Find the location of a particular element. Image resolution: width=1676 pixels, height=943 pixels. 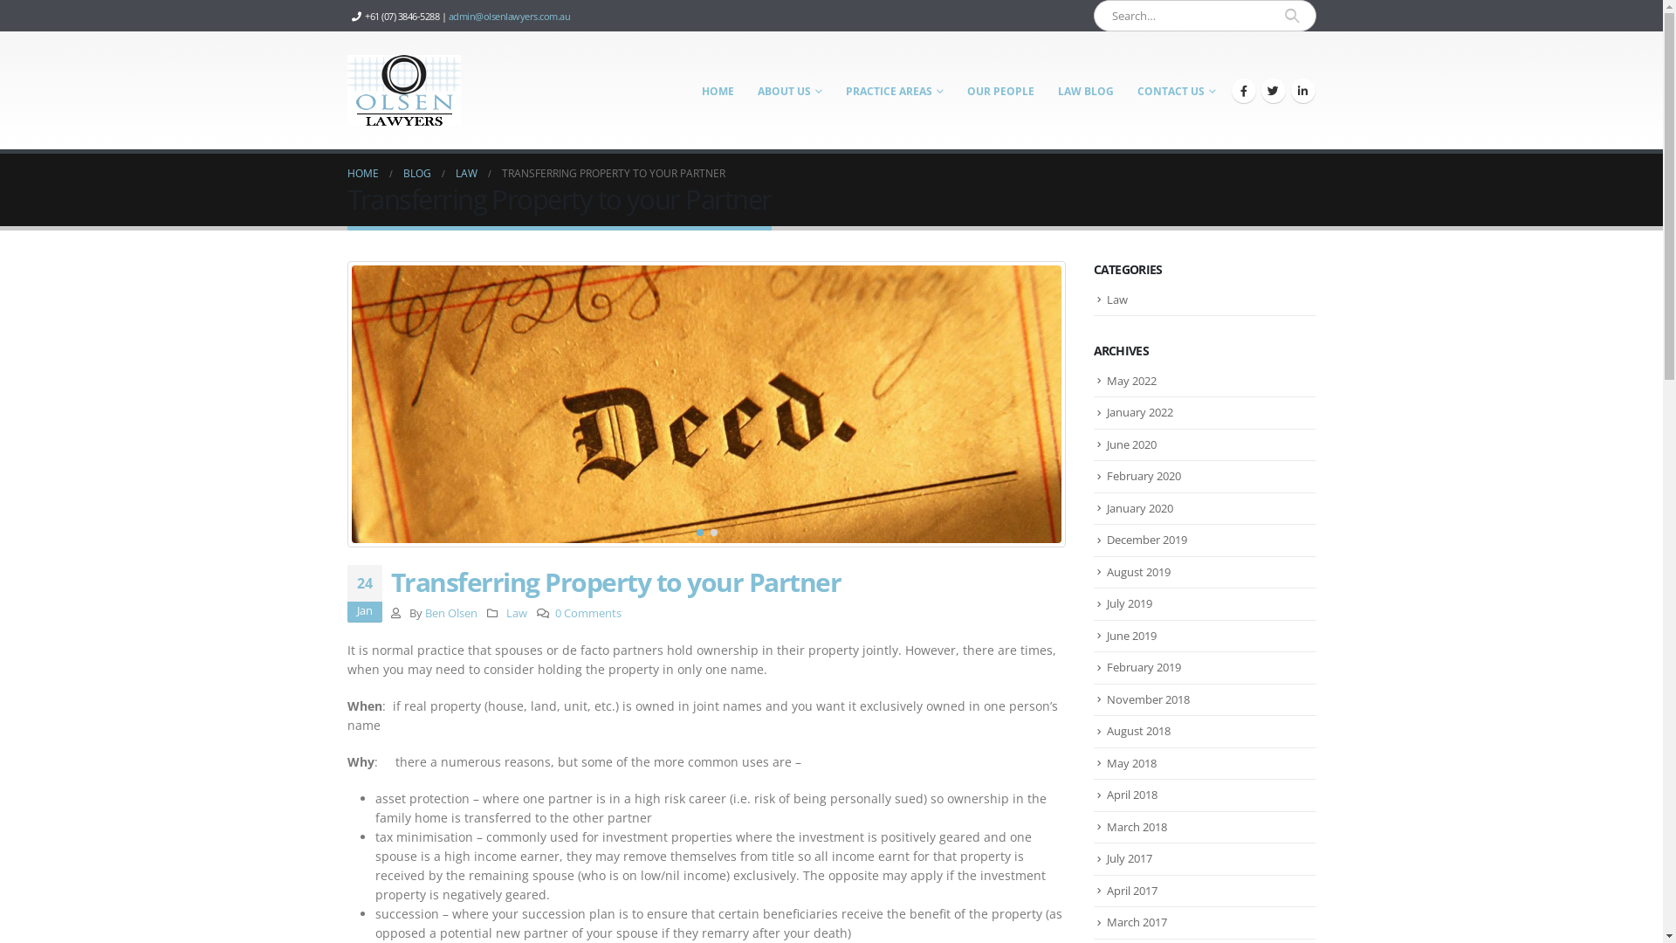

'July 2019' is located at coordinates (1130, 602).